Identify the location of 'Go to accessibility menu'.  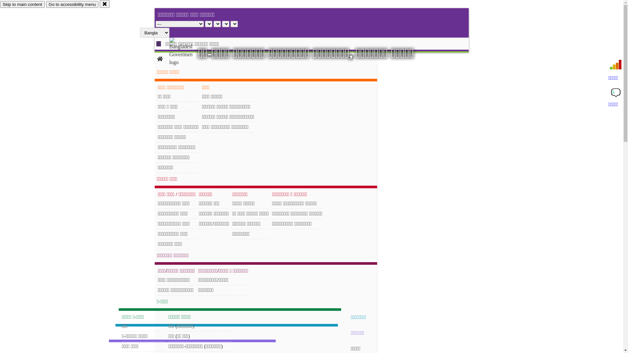
(45, 4).